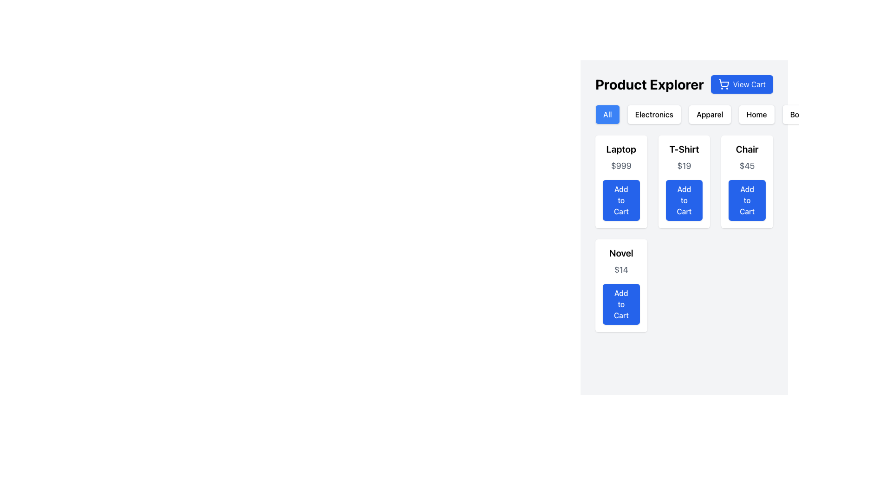 This screenshot has width=891, height=501. What do you see at coordinates (684, 148) in the screenshot?
I see `text element displaying 'T-Shirt' in bold, black, large font, located above the '$19' price text and the blue 'Add to Cart' button within the card layout in the 'Product Explorer' section` at bounding box center [684, 148].